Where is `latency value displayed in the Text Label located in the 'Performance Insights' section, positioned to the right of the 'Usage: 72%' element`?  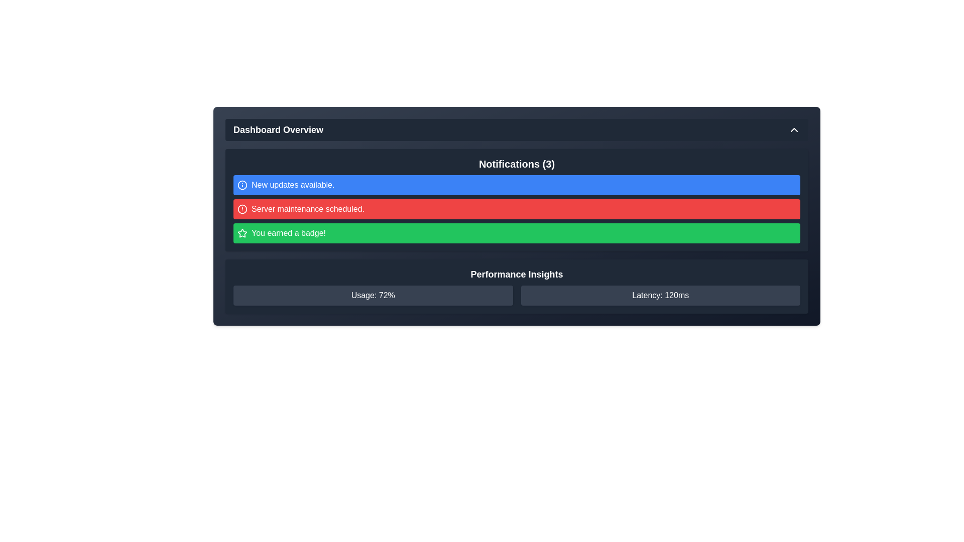
latency value displayed in the Text Label located in the 'Performance Insights' section, positioned to the right of the 'Usage: 72%' element is located at coordinates (660, 295).